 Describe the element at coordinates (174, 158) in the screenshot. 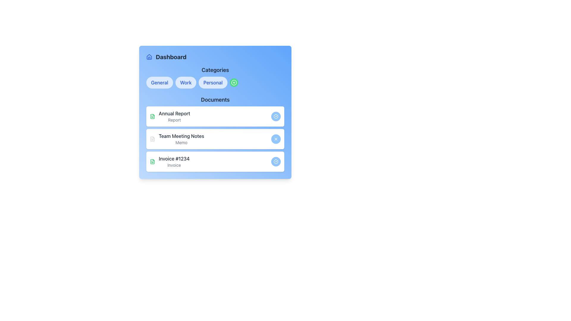

I see `the text label displaying the identifier of the document titled 'Invoice', which is positioned in the bottommost document entry box within the 'Documents' section` at that location.